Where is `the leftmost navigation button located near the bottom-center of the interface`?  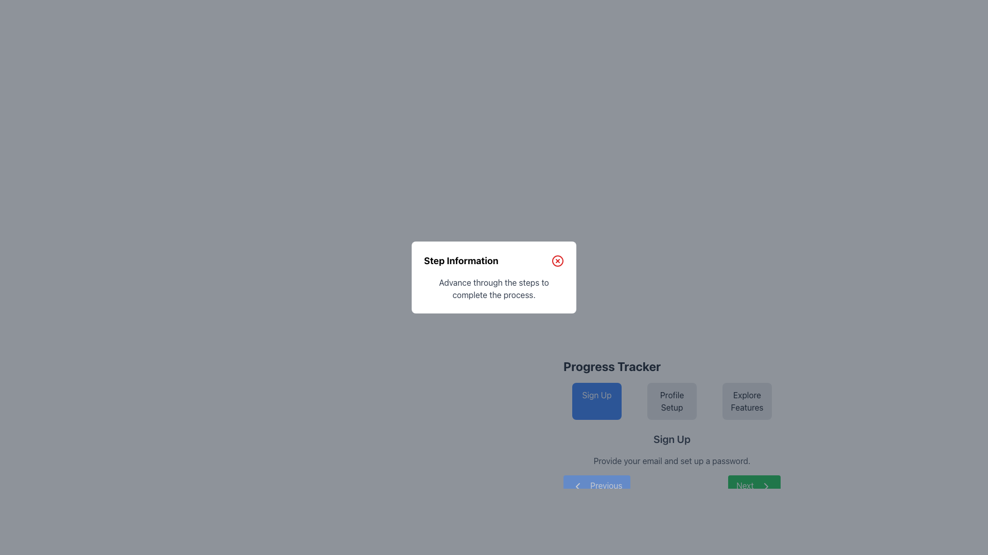 the leftmost navigation button located near the bottom-center of the interface is located at coordinates (597, 486).